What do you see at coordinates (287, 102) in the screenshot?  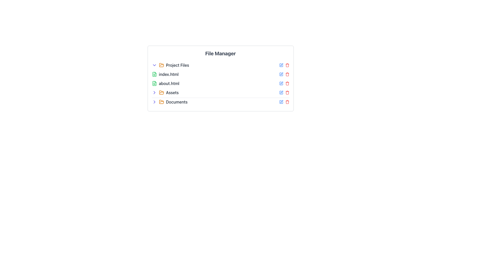 I see `the trash icon button located in the 'File Manager' interface near the bottom-right corner of the 'Documents' row` at bounding box center [287, 102].